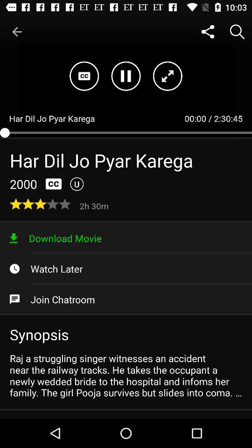  What do you see at coordinates (17, 32) in the screenshot?
I see `the item above har dil jo icon` at bounding box center [17, 32].